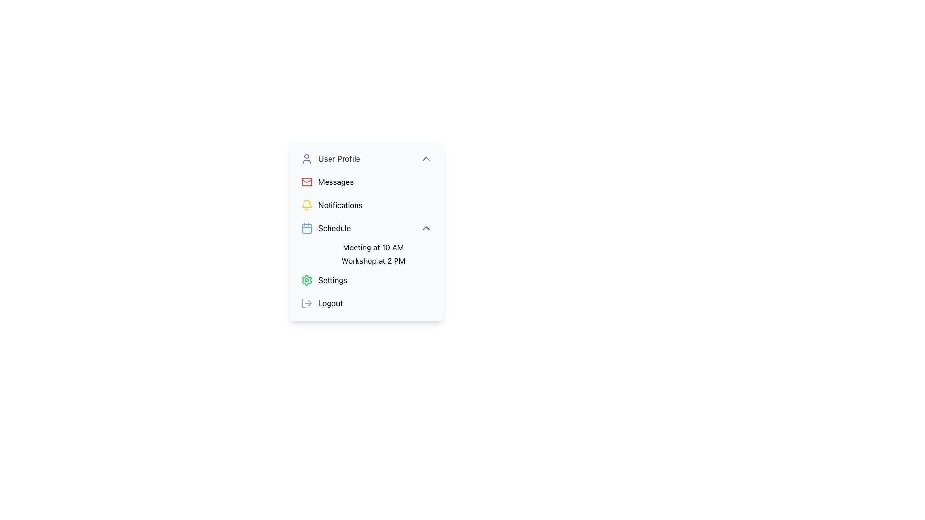 This screenshot has width=925, height=520. I want to click on the decorative SVG Rectangle that visually indicates a mail or messaging function, located within the envelope-like icon, so click(306, 182).